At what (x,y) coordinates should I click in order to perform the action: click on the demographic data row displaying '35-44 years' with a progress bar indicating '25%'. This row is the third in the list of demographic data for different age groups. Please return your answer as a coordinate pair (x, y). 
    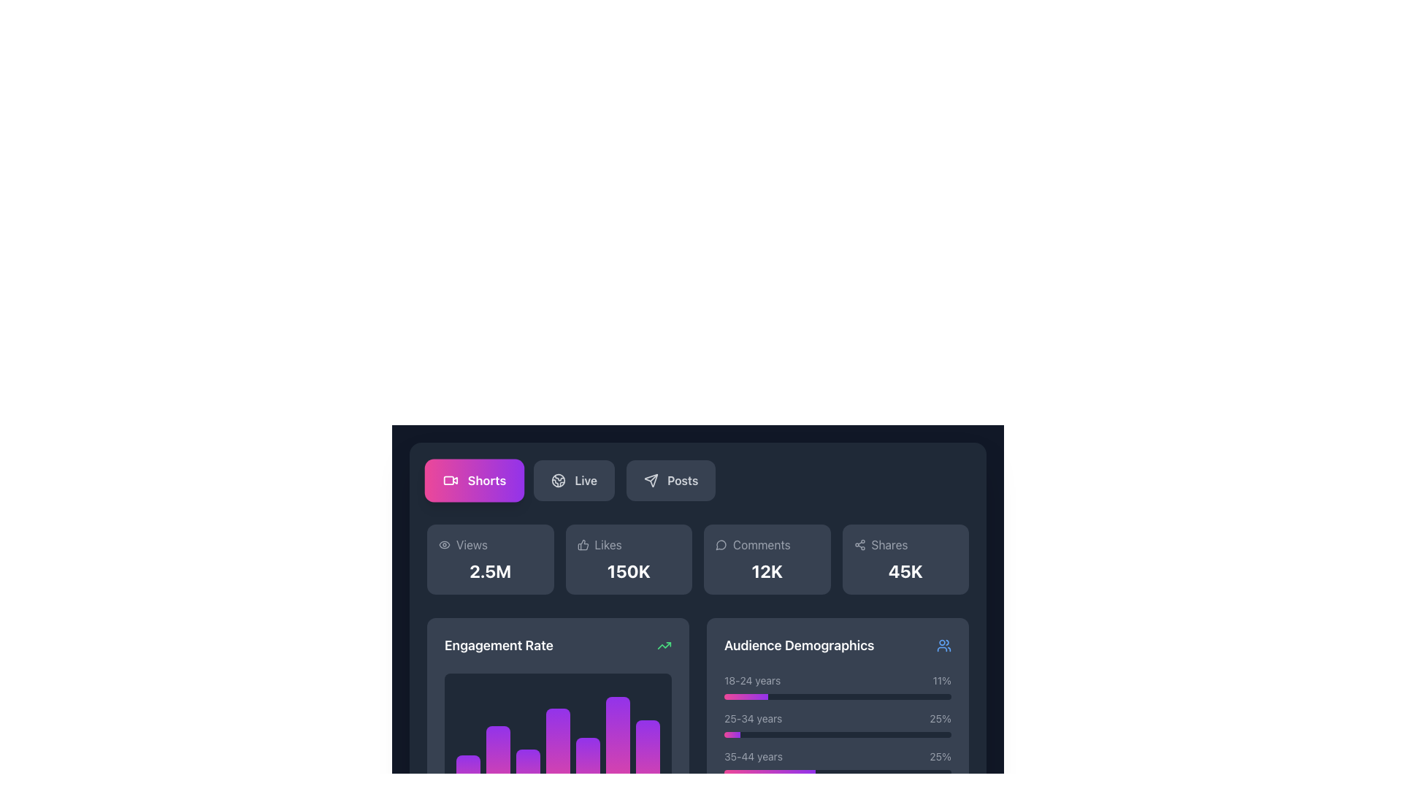
    Looking at the image, I should click on (838, 762).